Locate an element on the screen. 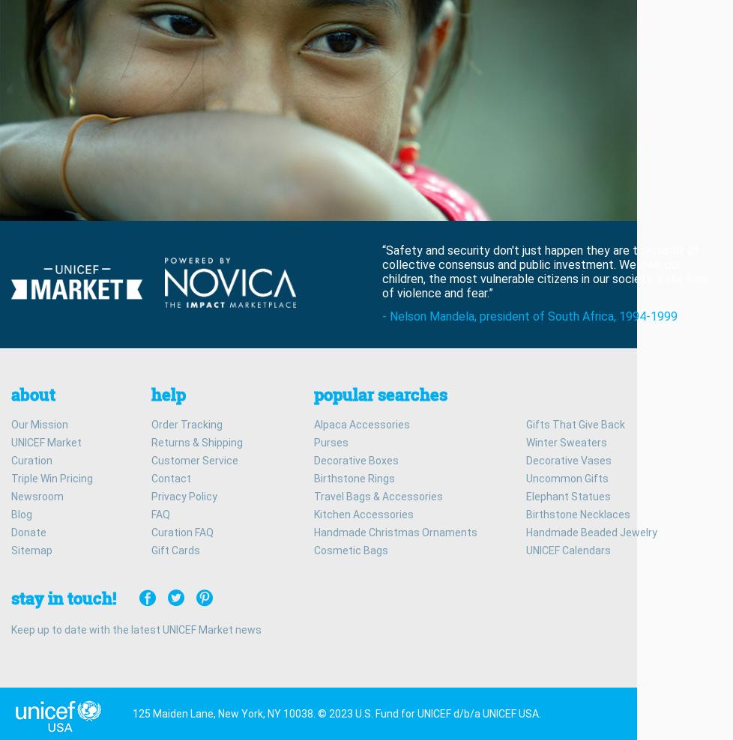  'Cosmetic Bags' is located at coordinates (350, 549).